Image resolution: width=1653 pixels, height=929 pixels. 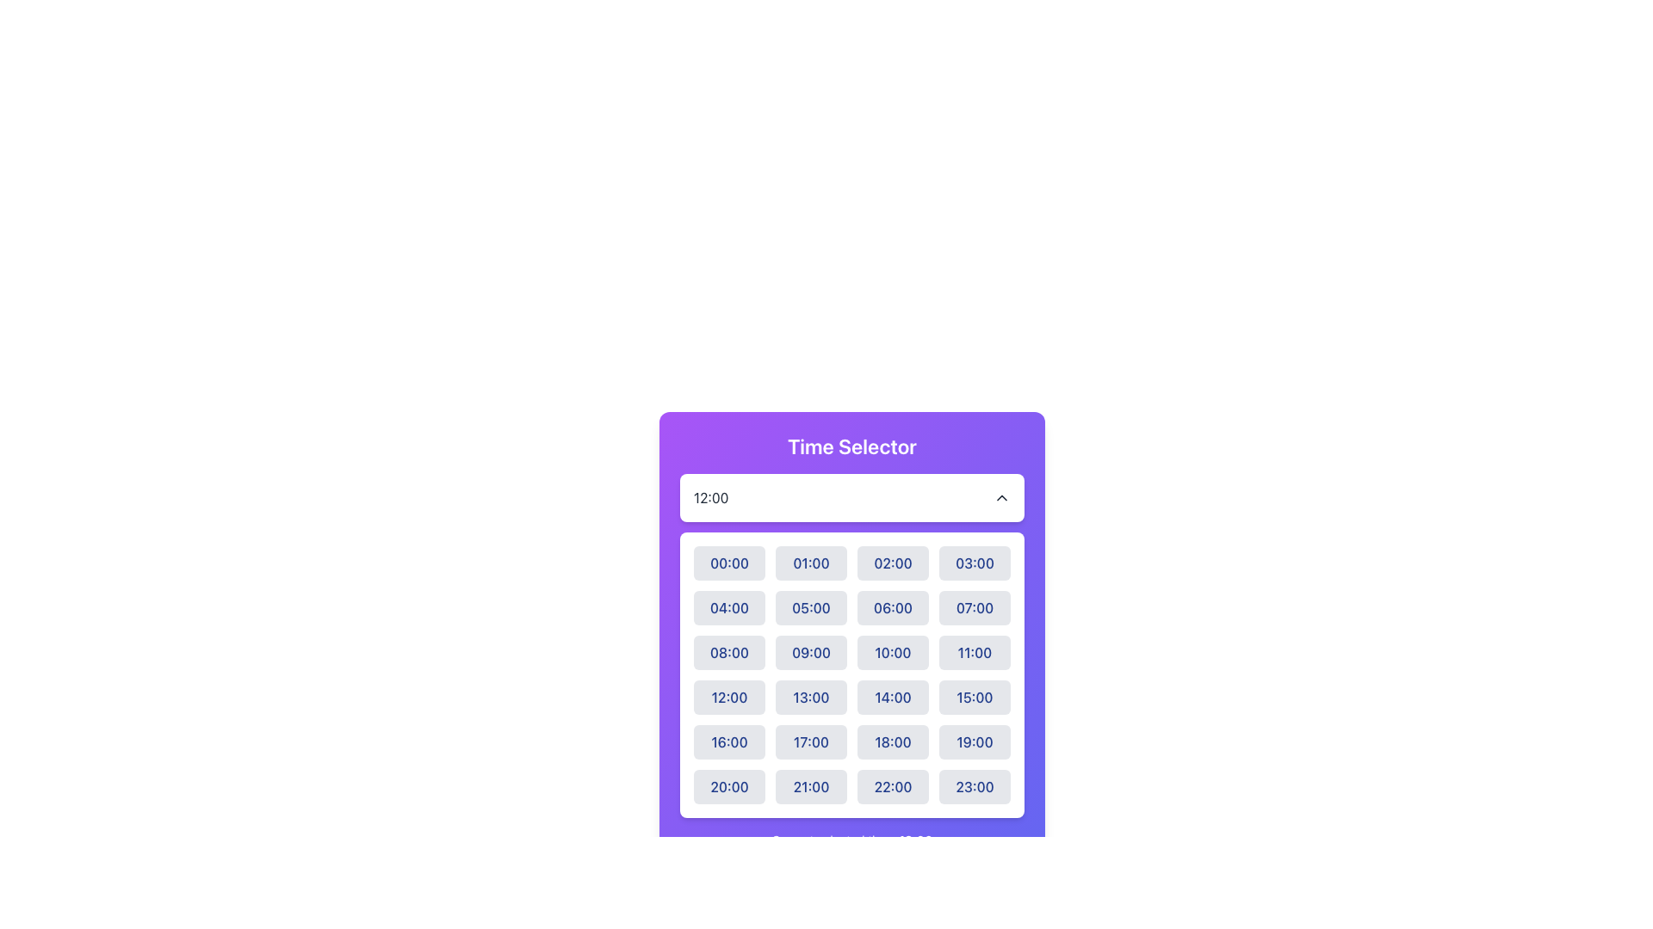 I want to click on the interactive button labeled '10:00' with a light gray background in the third column of the third row of the time selection grid, so click(x=851, y=640).